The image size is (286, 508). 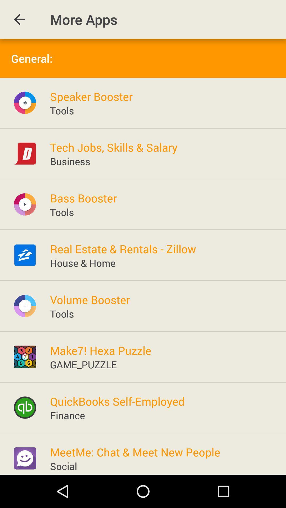 I want to click on the item above meetme chat meet icon, so click(x=67, y=415).